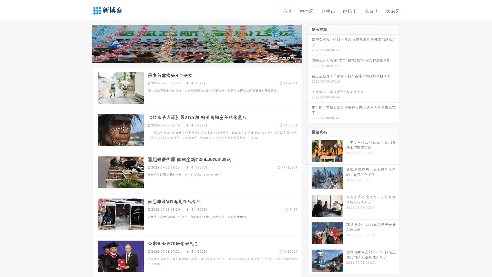  Describe the element at coordinates (192, 58) in the screenshot. I see `Go to slide 1` at that location.